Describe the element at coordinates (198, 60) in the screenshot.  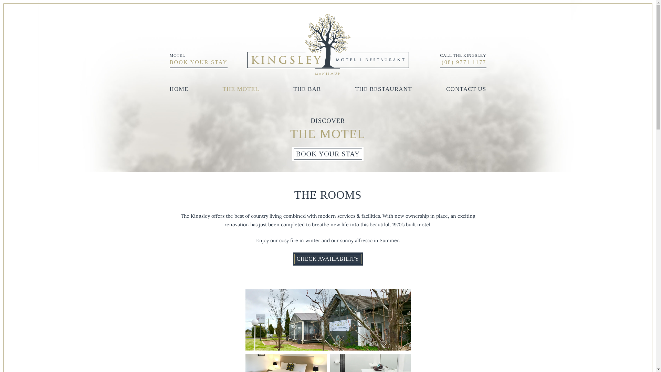
I see `'MOTEL` at that location.